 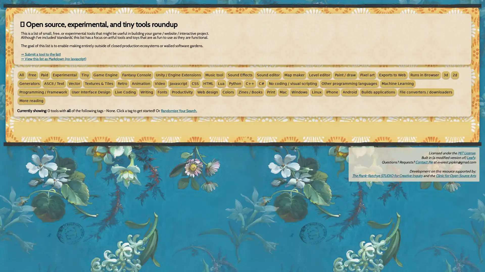 I want to click on Windows, so click(x=299, y=92).